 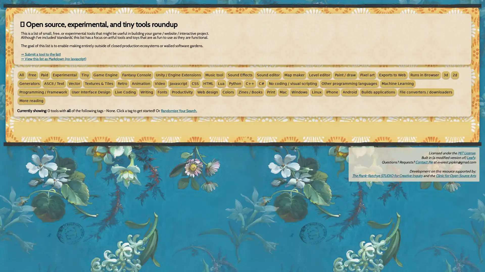 I want to click on Windows, so click(x=299, y=92).